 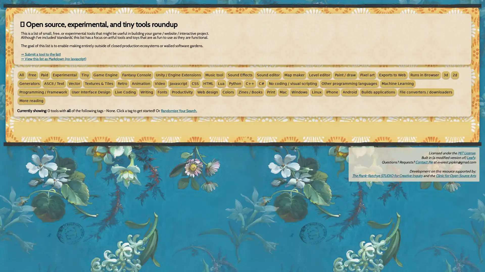 I want to click on Windows, so click(x=299, y=92).